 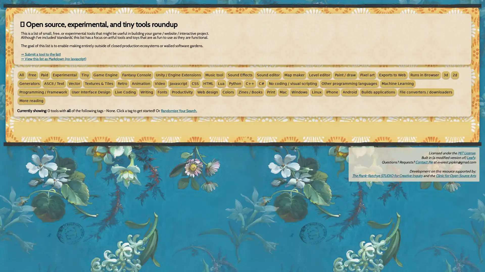 I want to click on Windows, so click(x=299, y=92).